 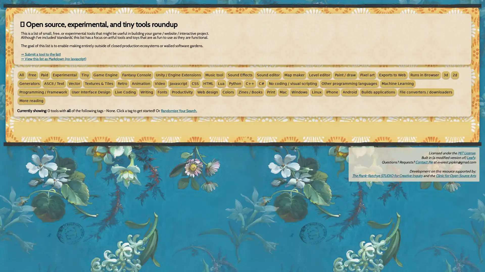 I want to click on Windows, so click(x=299, y=92).